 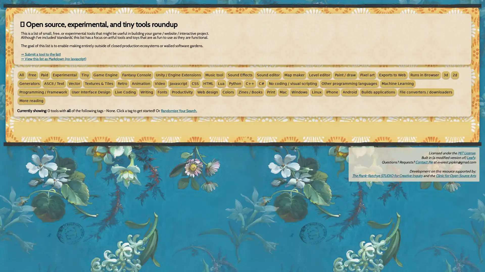 I want to click on Windows, so click(x=299, y=92).